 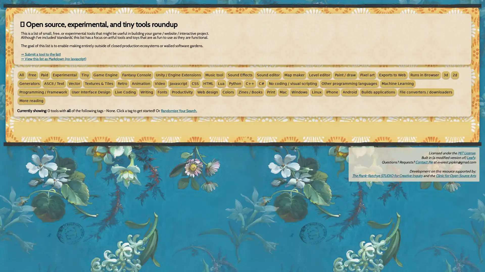 I want to click on Windows, so click(x=299, y=92).